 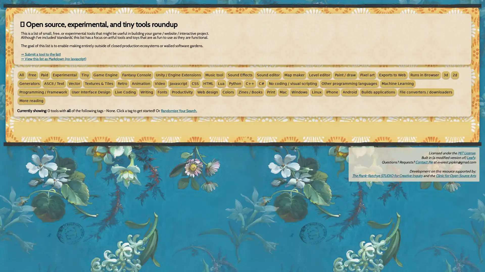 I want to click on Windows, so click(x=299, y=92).